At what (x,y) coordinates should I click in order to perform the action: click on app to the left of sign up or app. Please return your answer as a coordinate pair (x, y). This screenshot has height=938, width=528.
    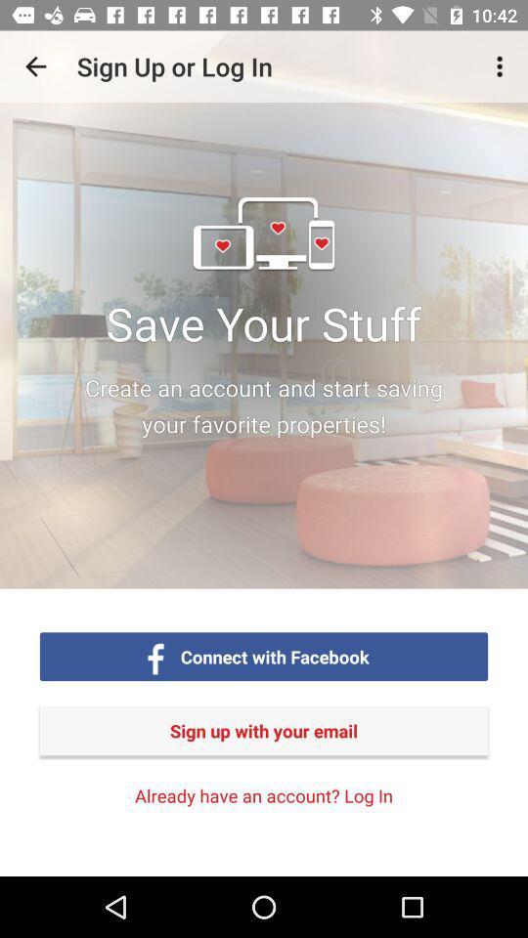
    Looking at the image, I should click on (35, 66).